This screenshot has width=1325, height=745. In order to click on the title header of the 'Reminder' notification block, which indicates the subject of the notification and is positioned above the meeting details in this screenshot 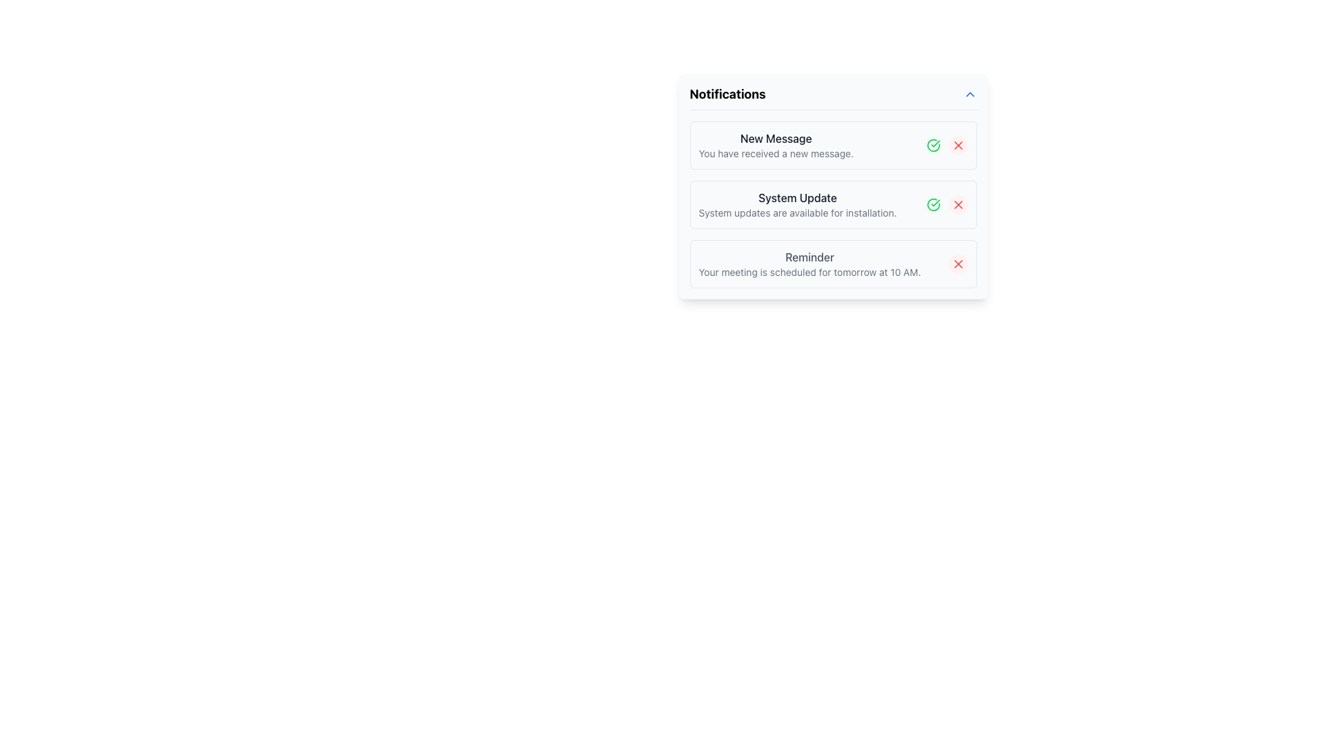, I will do `click(809, 257)`.